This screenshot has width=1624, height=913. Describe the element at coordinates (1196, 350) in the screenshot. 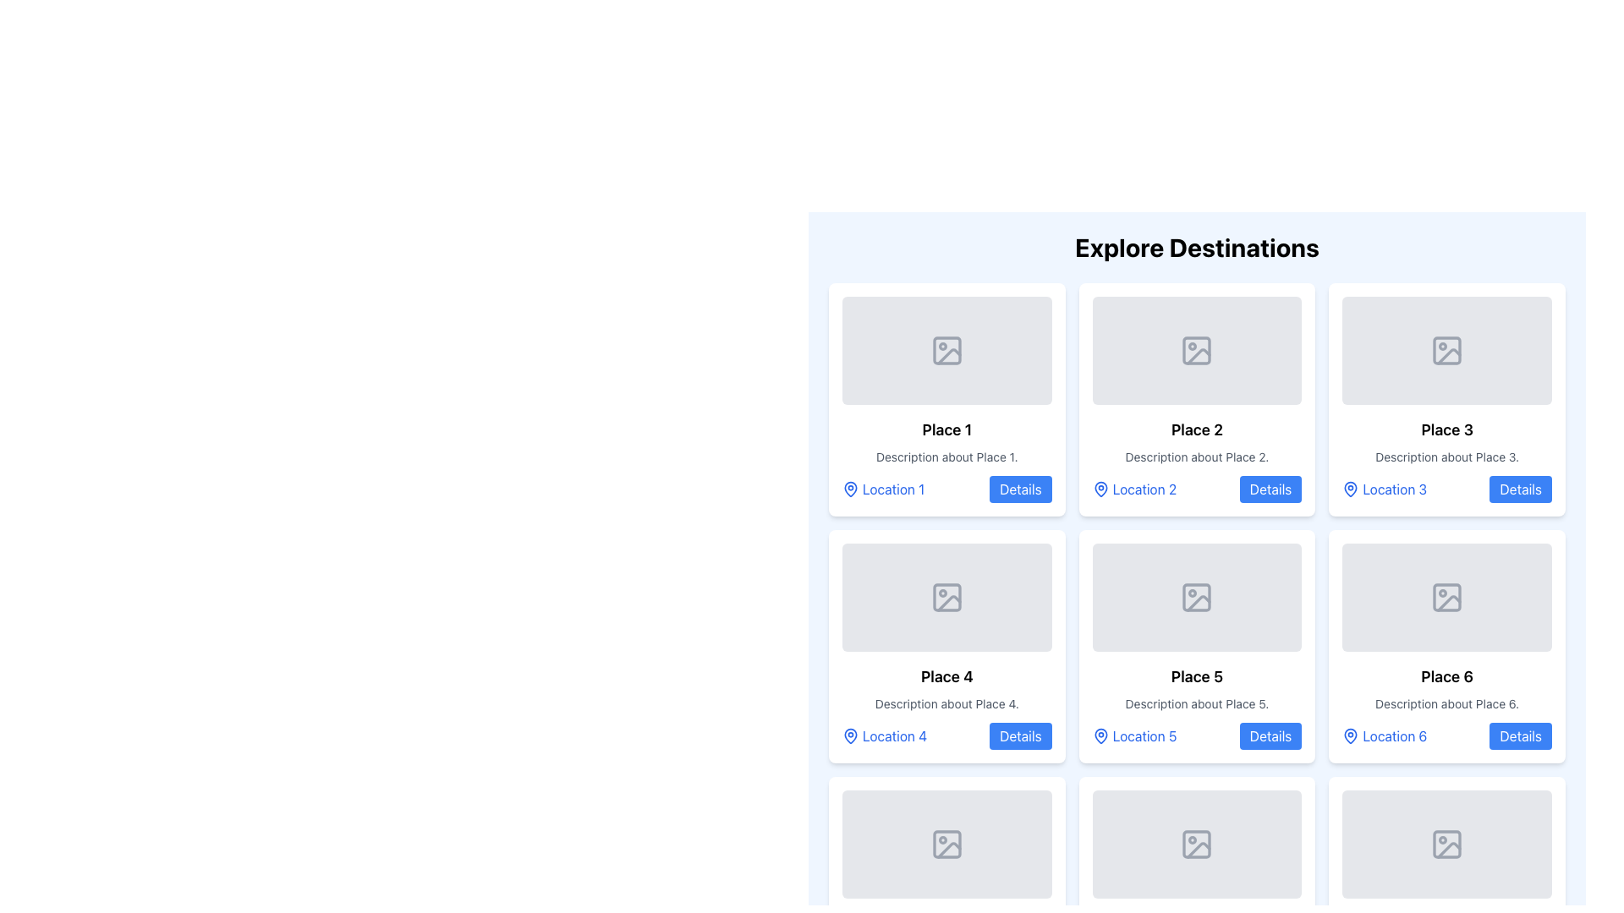

I see `the Image Placeholder element, which is a light gray rectangular box with rounded corners and an icon of a mountain and sun` at that location.